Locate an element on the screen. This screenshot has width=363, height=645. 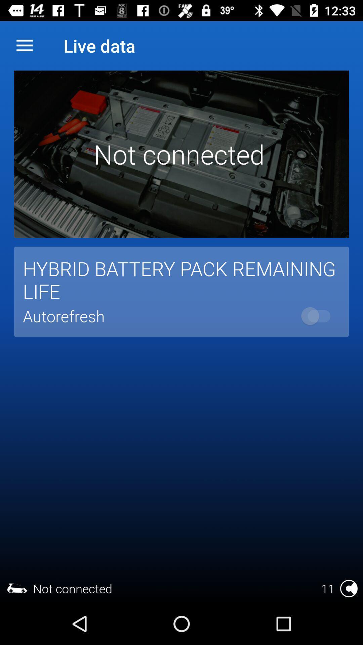
the car symbol in the bottom of the page is located at coordinates (17, 588).